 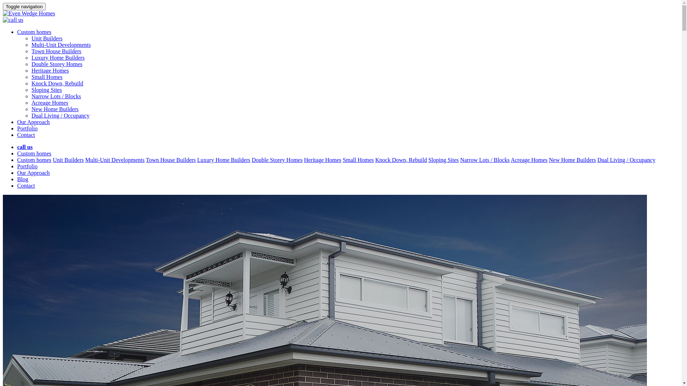 I want to click on 'Sloping Sites', so click(x=46, y=89).